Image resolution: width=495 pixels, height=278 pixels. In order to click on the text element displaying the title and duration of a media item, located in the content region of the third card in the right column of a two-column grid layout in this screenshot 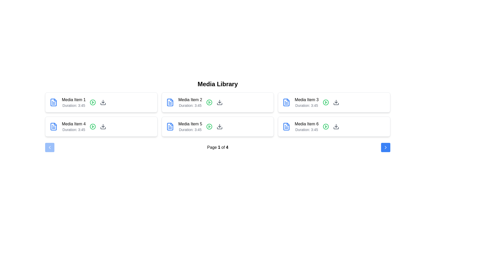, I will do `click(307, 102)`.